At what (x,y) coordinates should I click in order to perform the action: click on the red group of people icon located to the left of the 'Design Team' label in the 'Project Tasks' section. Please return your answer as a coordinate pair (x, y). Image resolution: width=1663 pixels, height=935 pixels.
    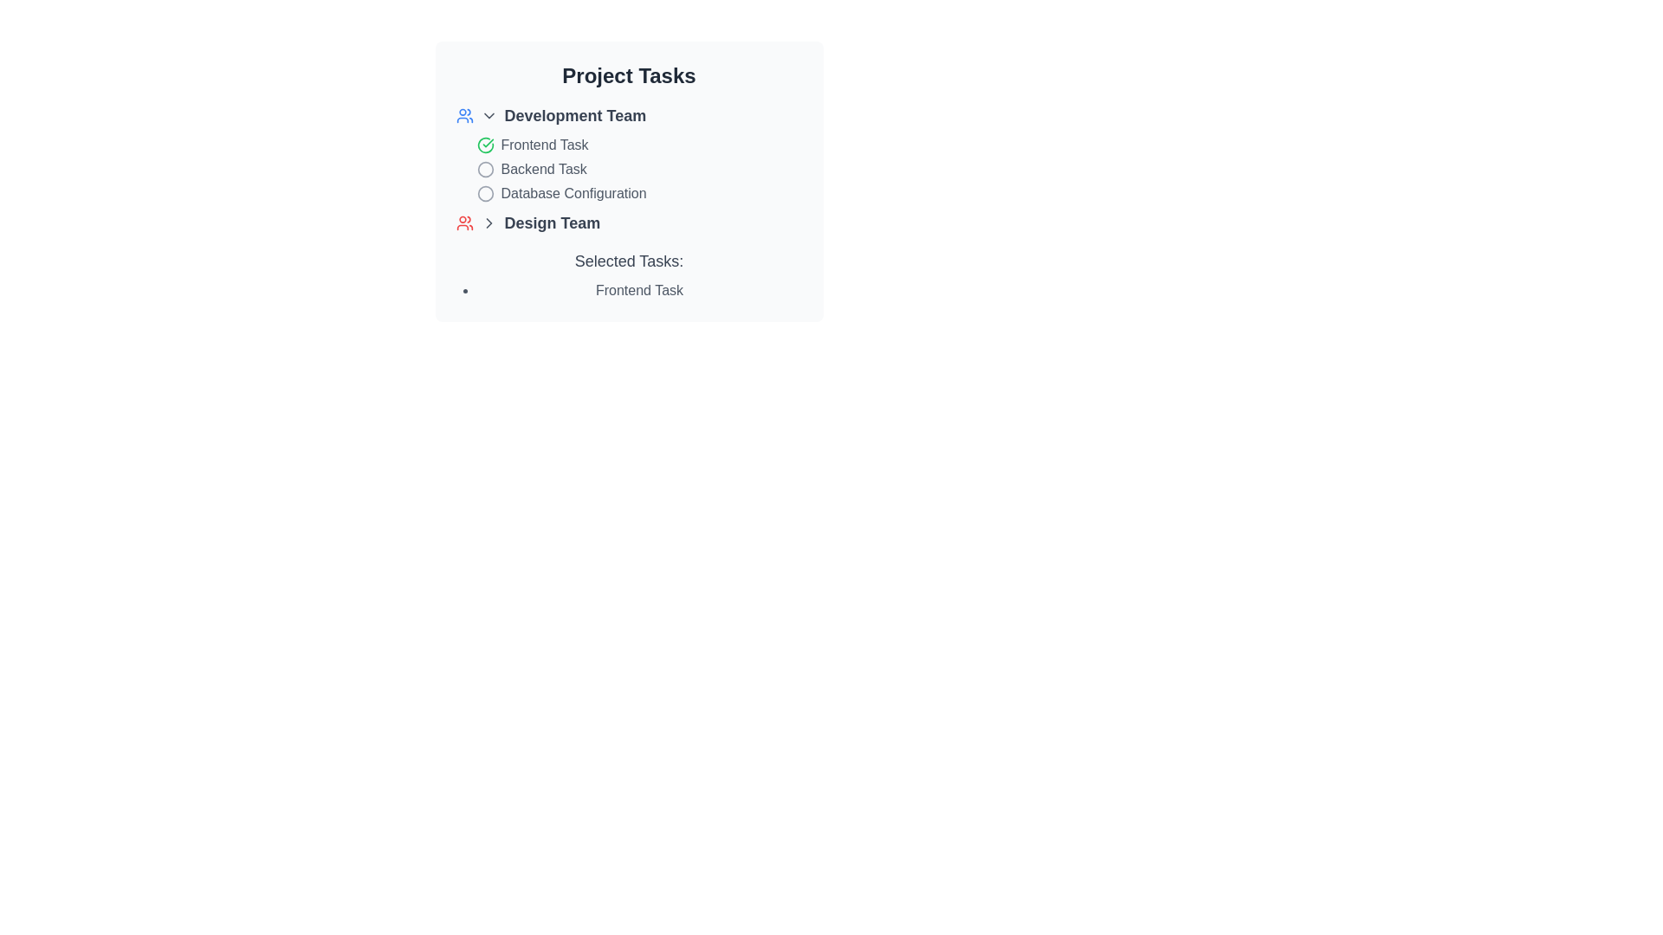
    Looking at the image, I should click on (464, 222).